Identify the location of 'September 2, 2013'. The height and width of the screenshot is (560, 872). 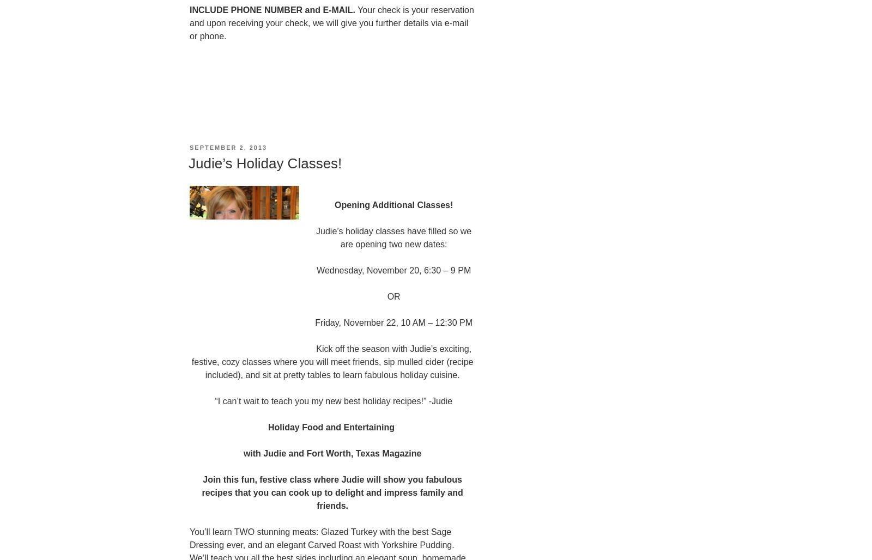
(190, 147).